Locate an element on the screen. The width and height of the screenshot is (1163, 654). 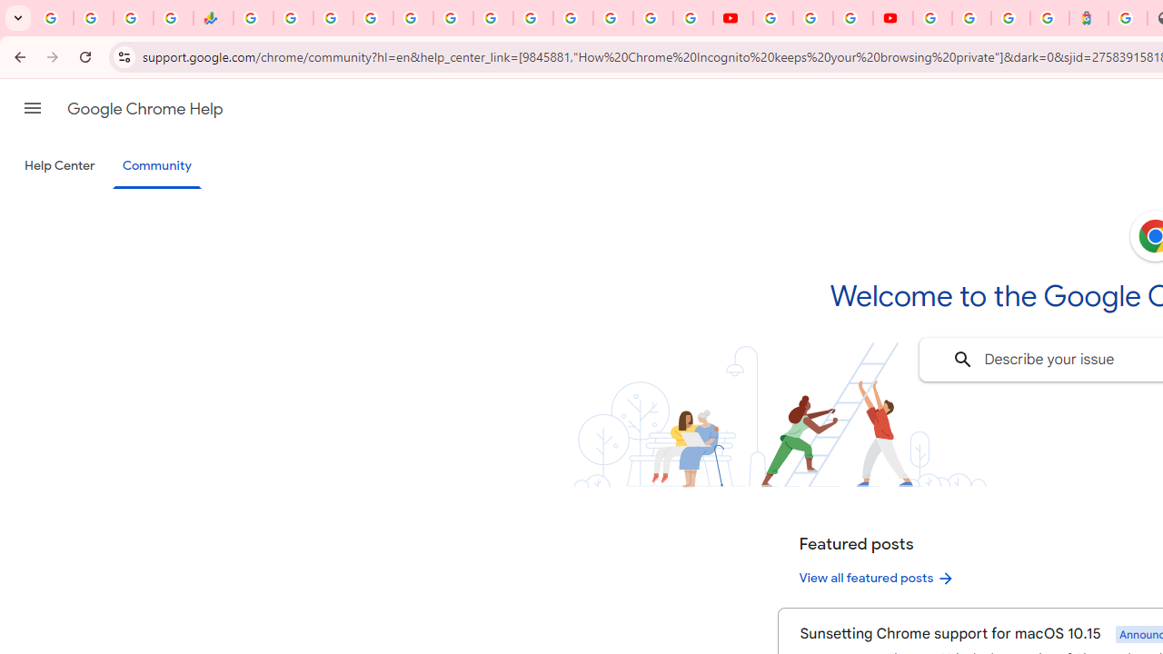
'Google Chrome Help' is located at coordinates (145, 108).